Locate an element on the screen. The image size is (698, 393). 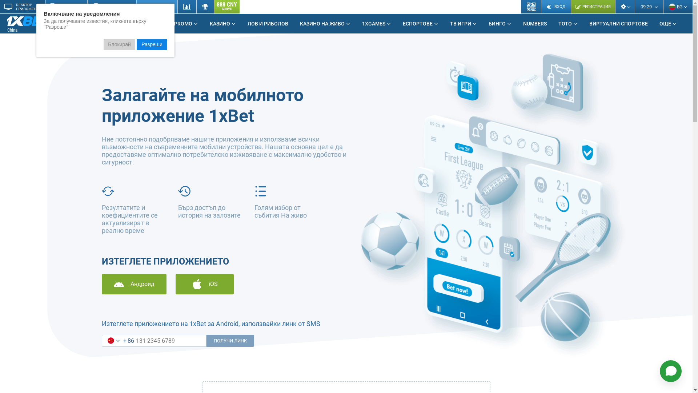
'PROMO' is located at coordinates (168, 23).